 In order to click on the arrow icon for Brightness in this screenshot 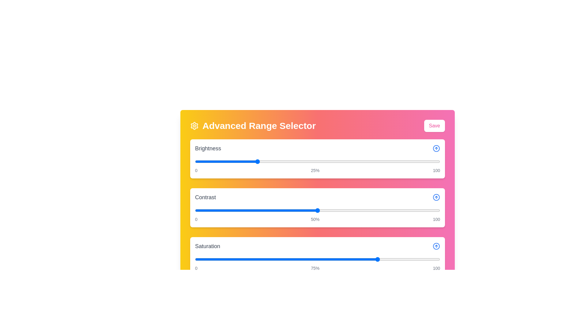, I will do `click(436, 148)`.